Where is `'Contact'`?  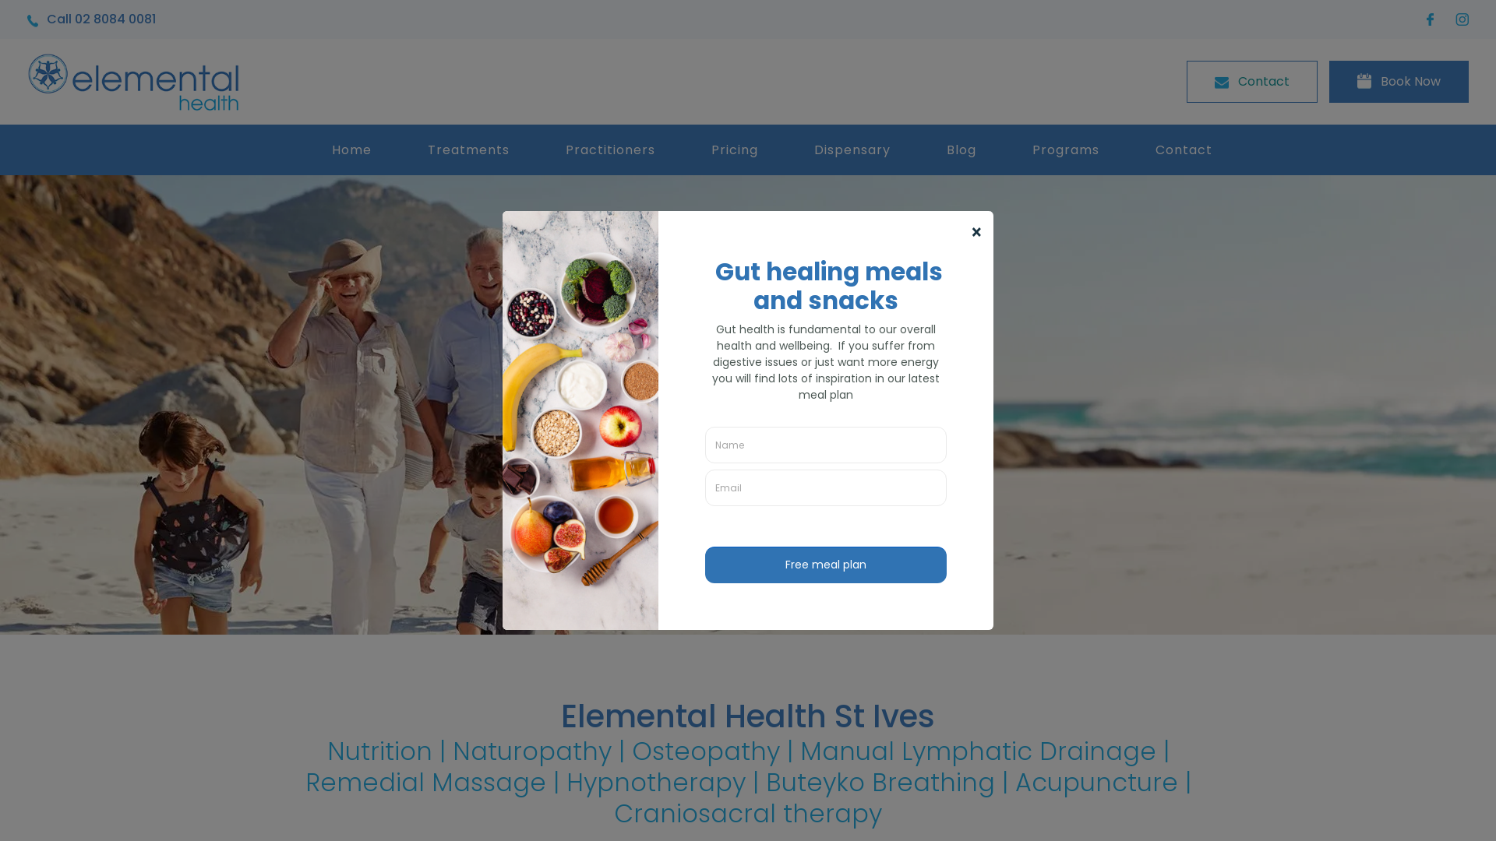 'Contact' is located at coordinates (1252, 81).